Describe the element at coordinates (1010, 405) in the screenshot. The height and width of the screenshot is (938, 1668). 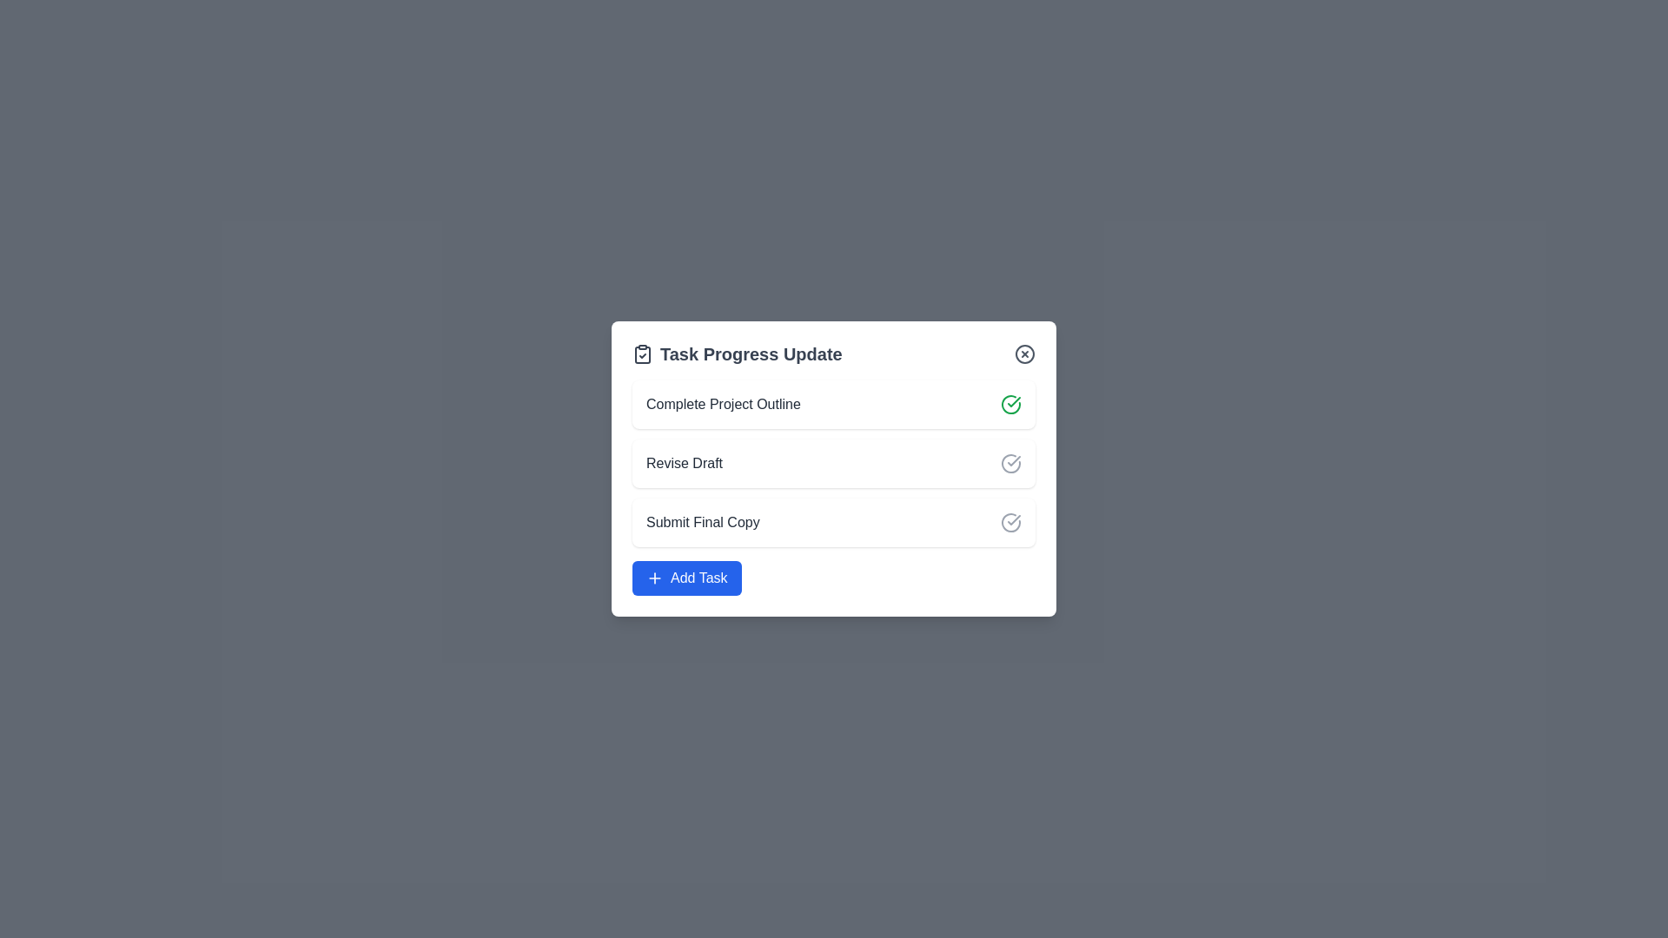
I see `the icon indicating the completion of the task 'Complete Project Outline' in the dialog box titled 'Task Progress Update'` at that location.